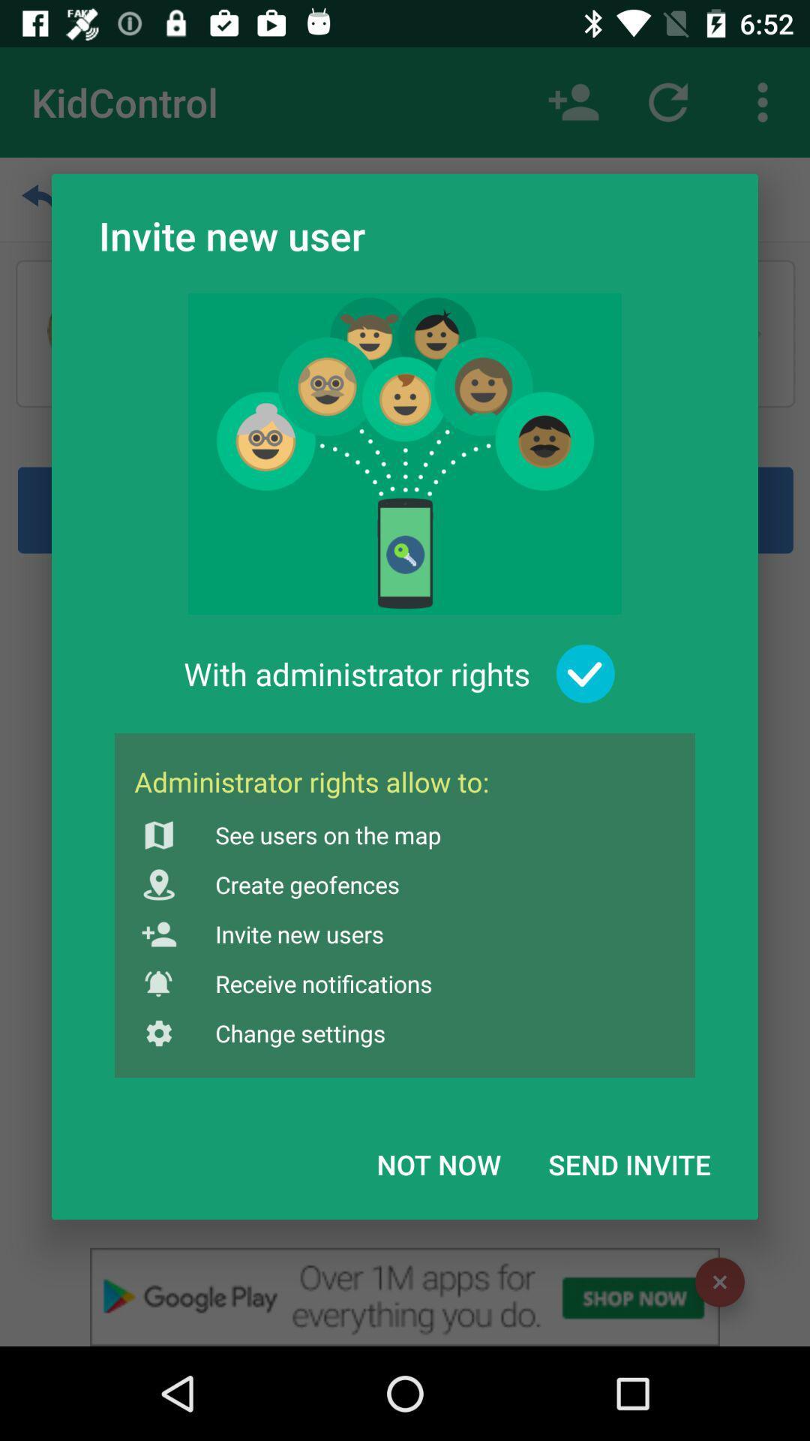 This screenshot has width=810, height=1441. I want to click on item at the bottom right corner, so click(629, 1163).